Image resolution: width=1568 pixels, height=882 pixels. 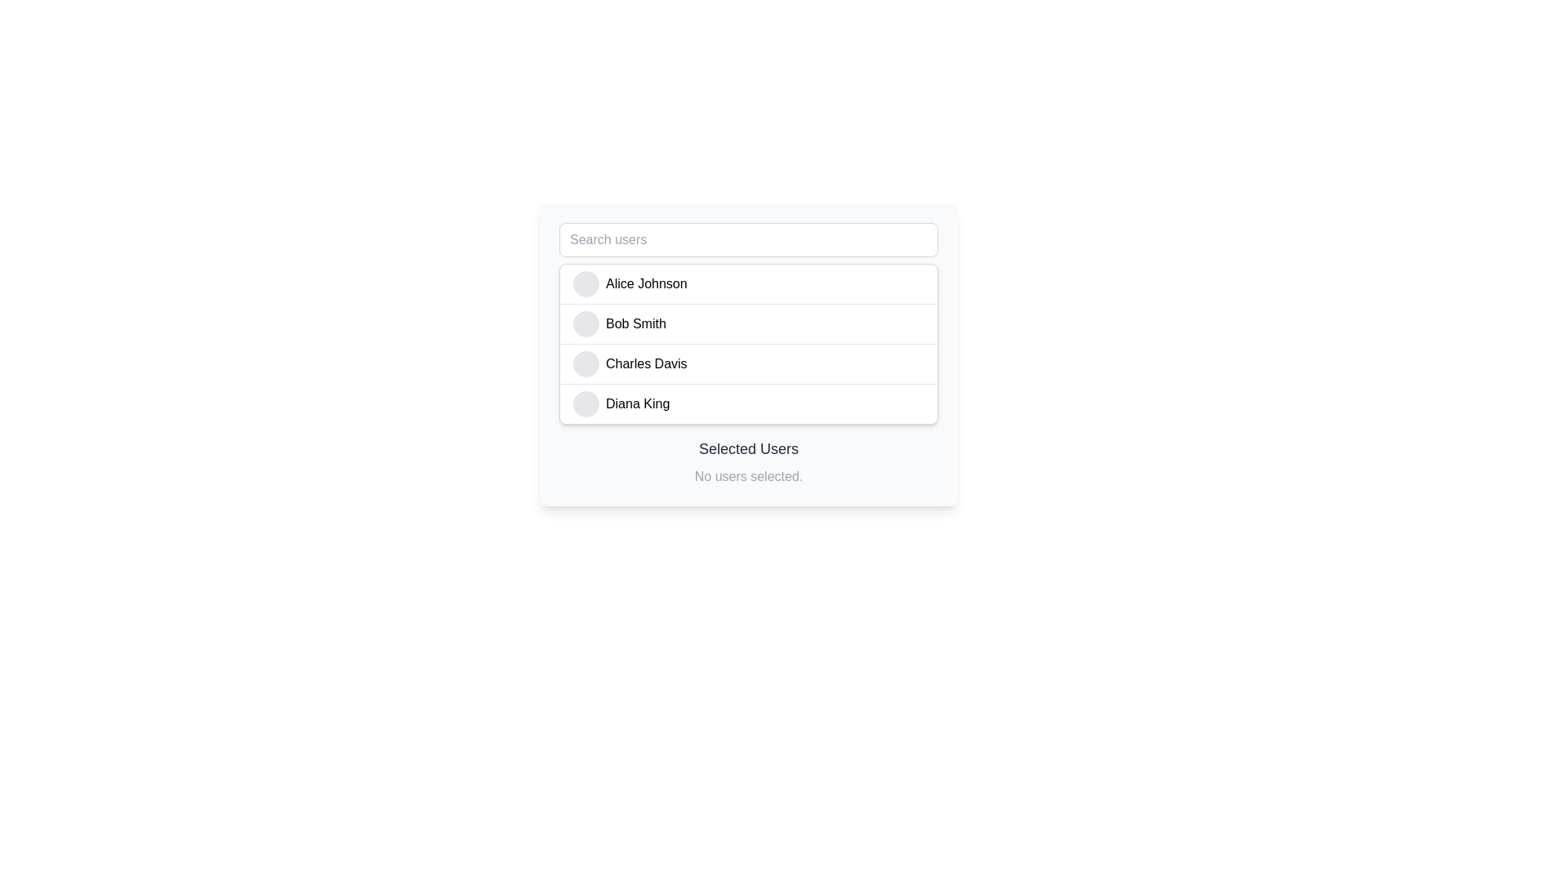 I want to click on an entry in the List box, which is a white rectangular component with rounded edges and a light gray border, containing a list of users' names, so click(x=747, y=354).